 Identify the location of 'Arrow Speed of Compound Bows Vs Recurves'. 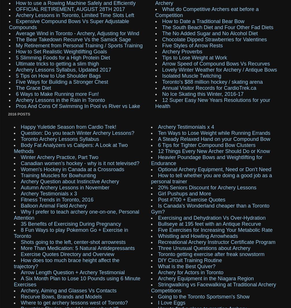
(162, 64).